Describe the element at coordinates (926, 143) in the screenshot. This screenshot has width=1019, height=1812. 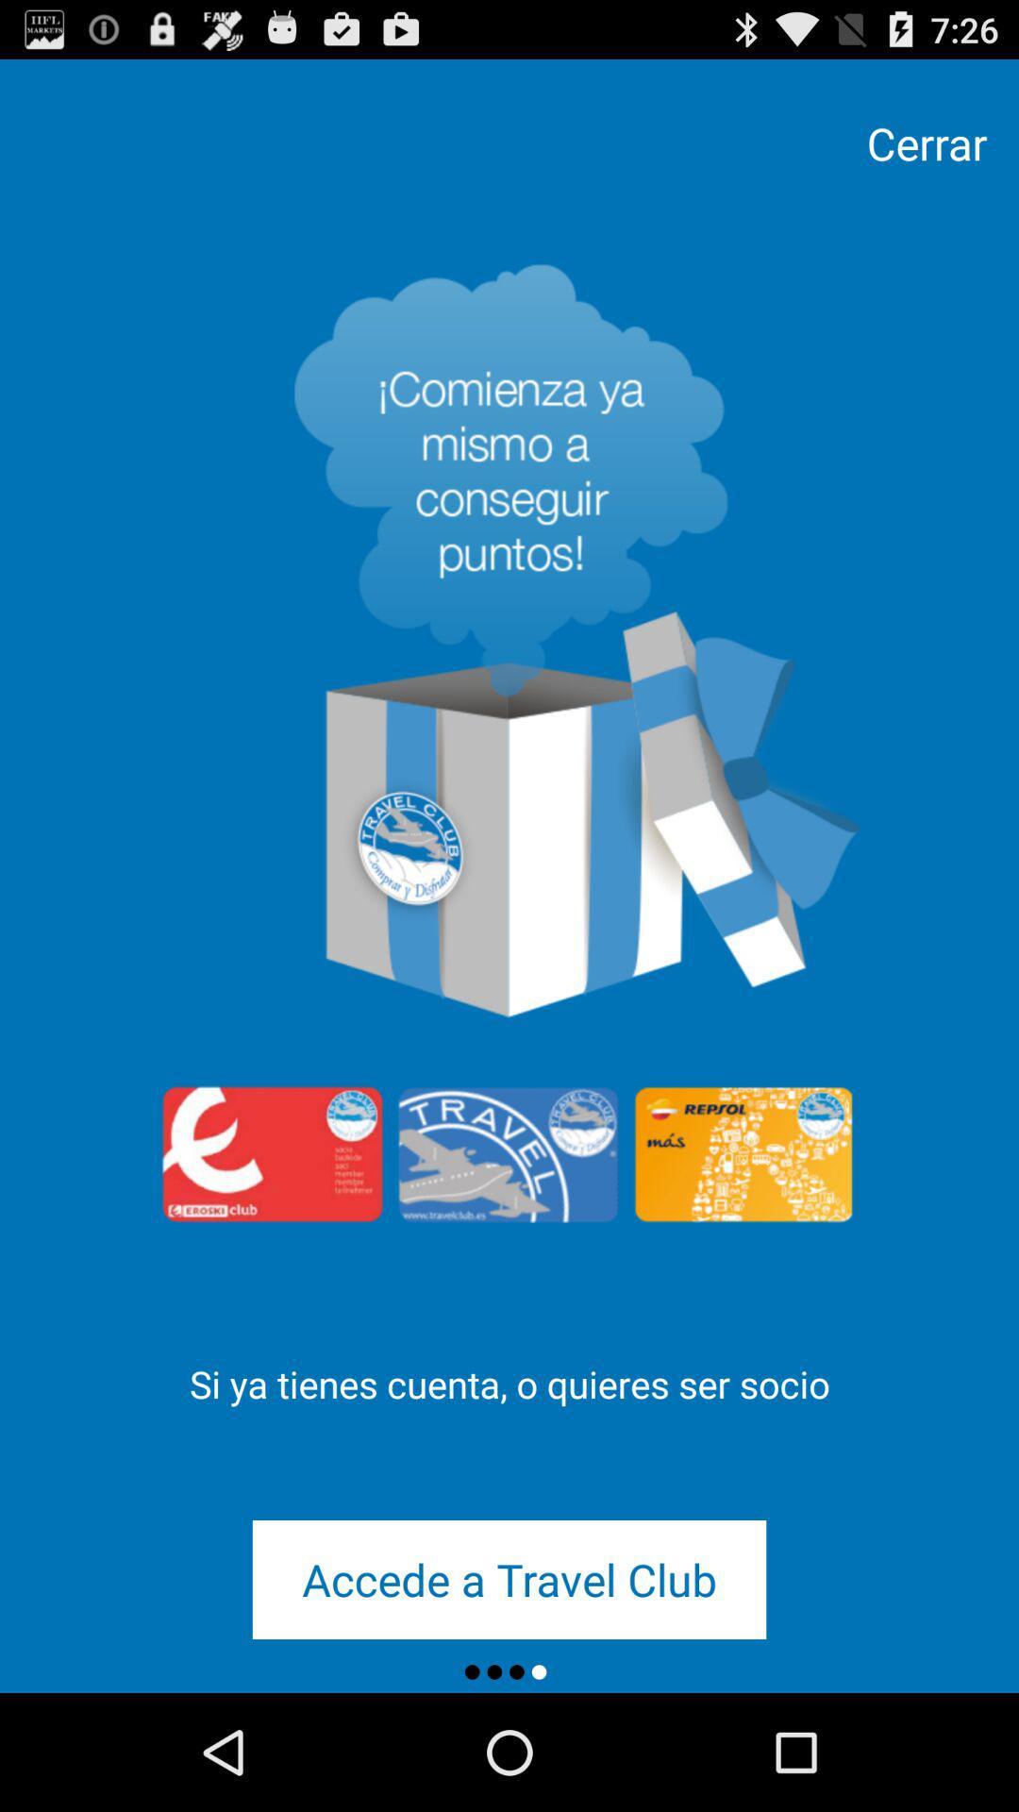
I see `item at the top right corner` at that location.